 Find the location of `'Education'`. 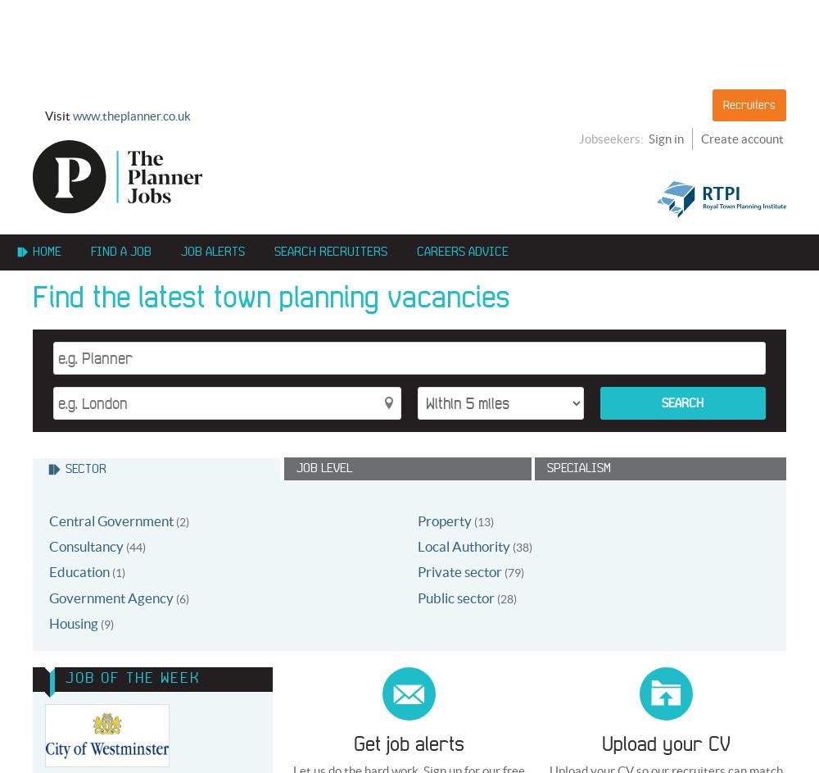

'Education' is located at coordinates (79, 571).